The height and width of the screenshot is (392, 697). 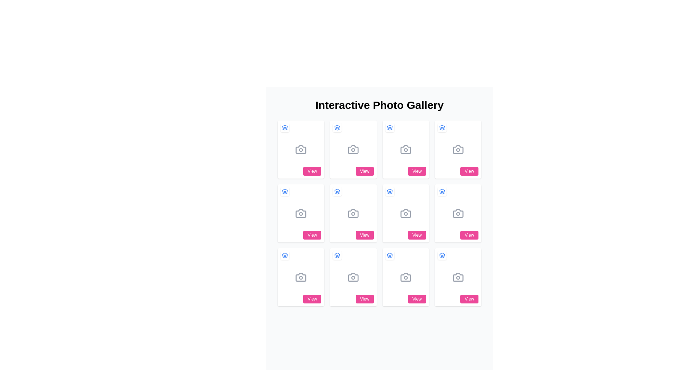 I want to click on the seventh card in the interactive photo gallery, so click(x=405, y=213).